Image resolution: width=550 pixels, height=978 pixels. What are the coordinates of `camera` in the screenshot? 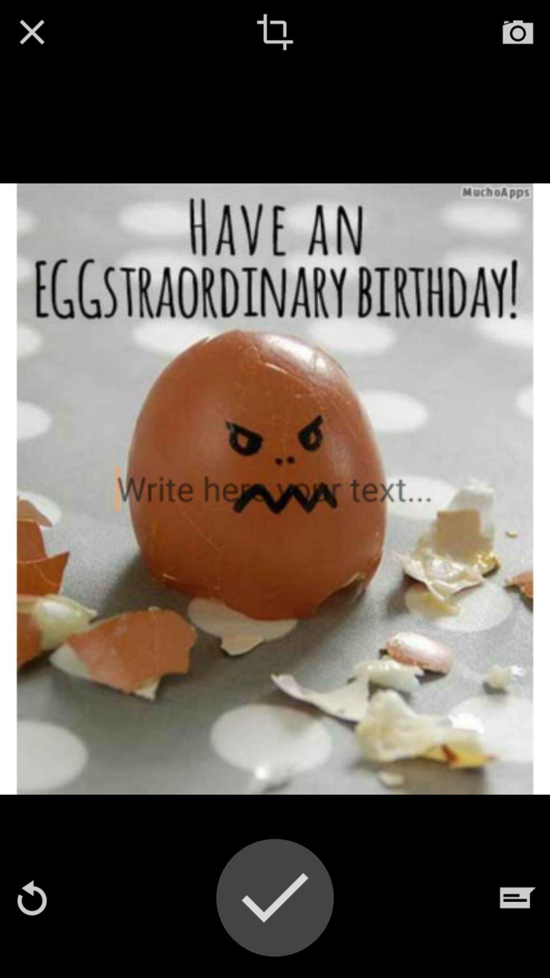 It's located at (518, 32).